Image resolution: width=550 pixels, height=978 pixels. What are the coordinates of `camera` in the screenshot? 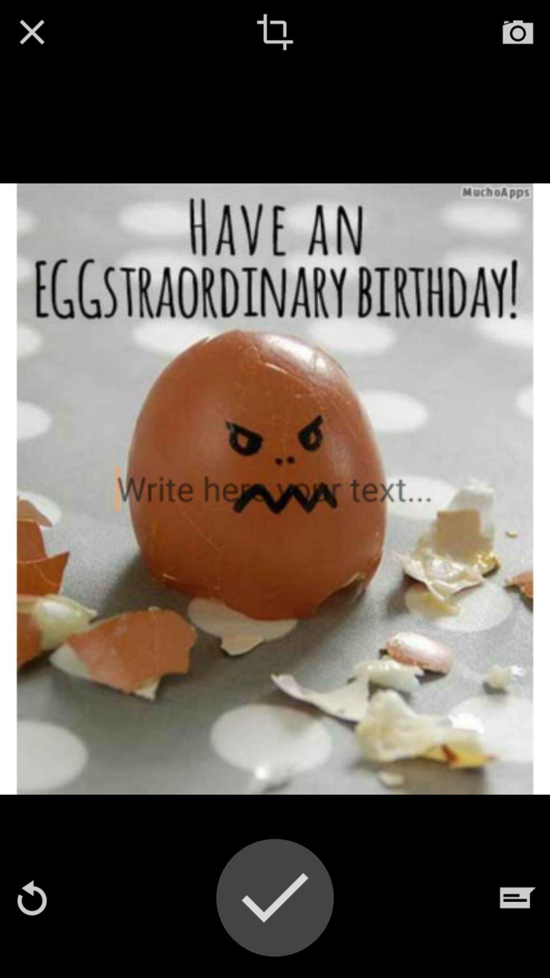 It's located at (518, 32).